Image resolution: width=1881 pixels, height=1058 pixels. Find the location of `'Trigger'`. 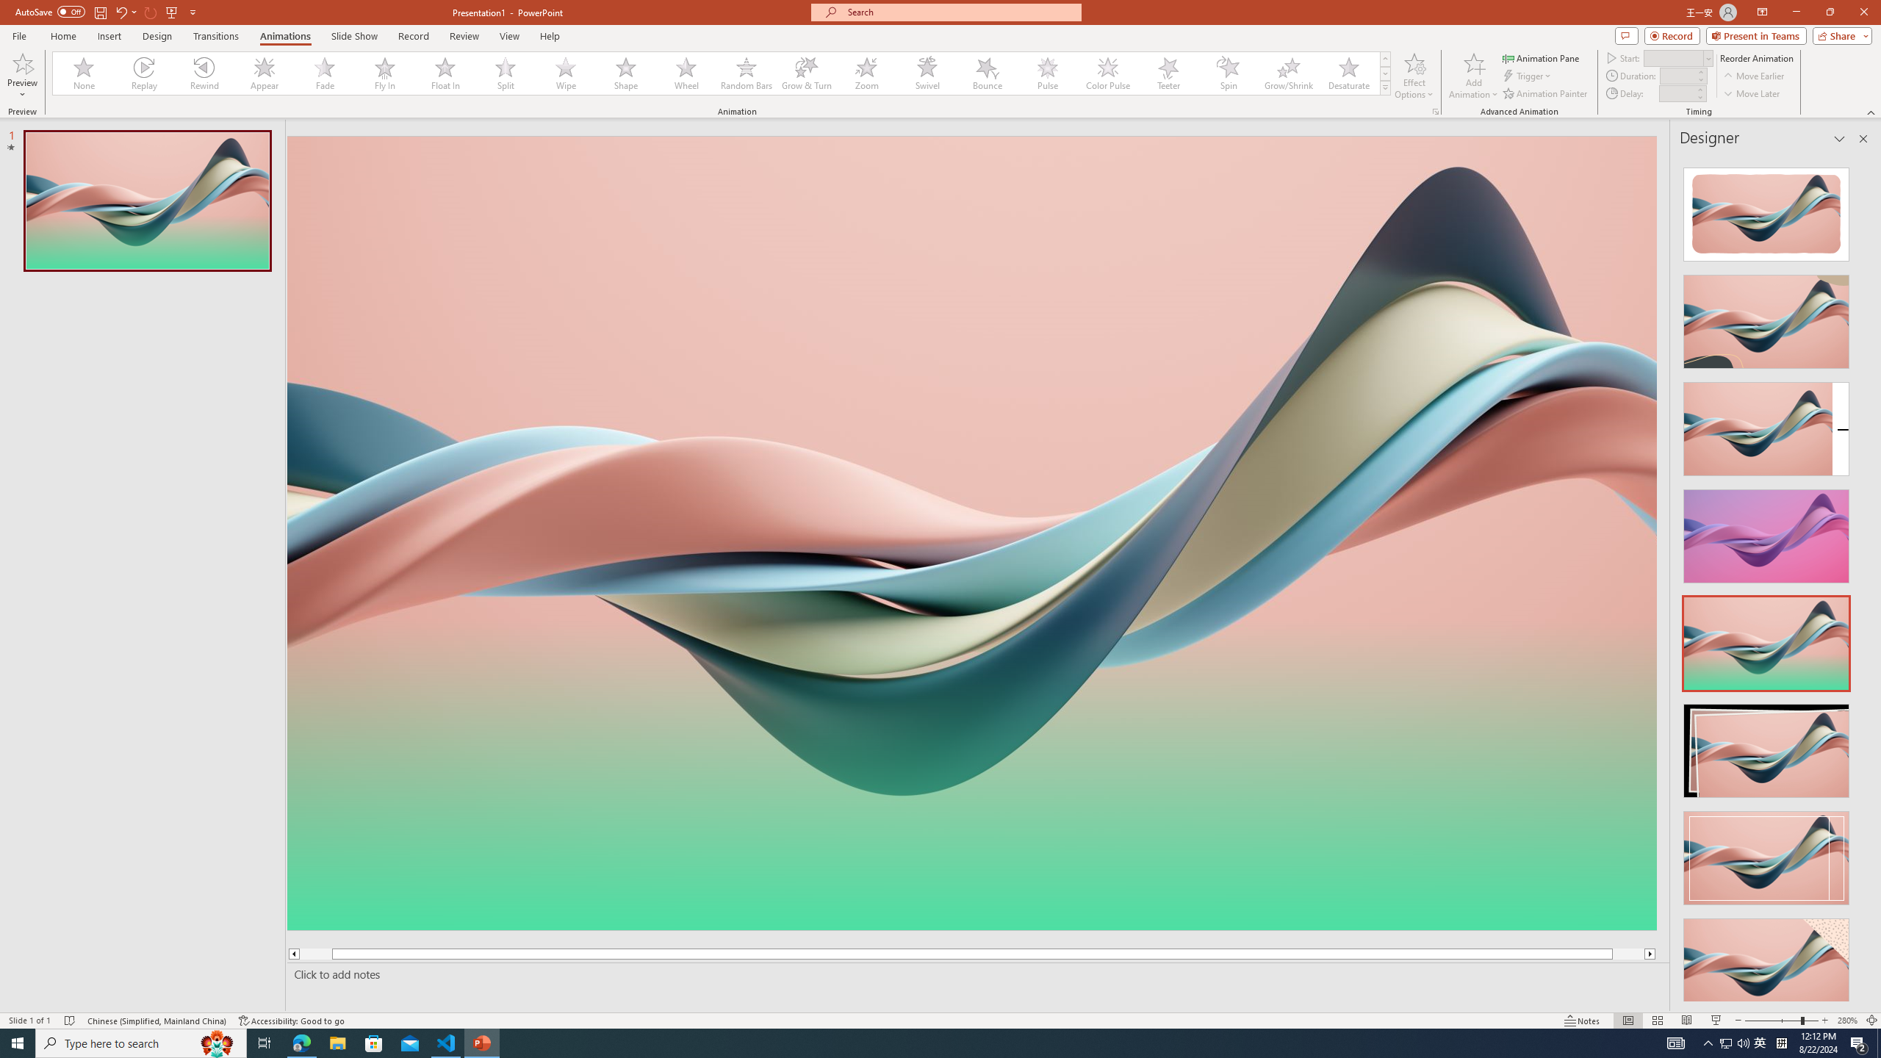

'Trigger' is located at coordinates (1528, 76).